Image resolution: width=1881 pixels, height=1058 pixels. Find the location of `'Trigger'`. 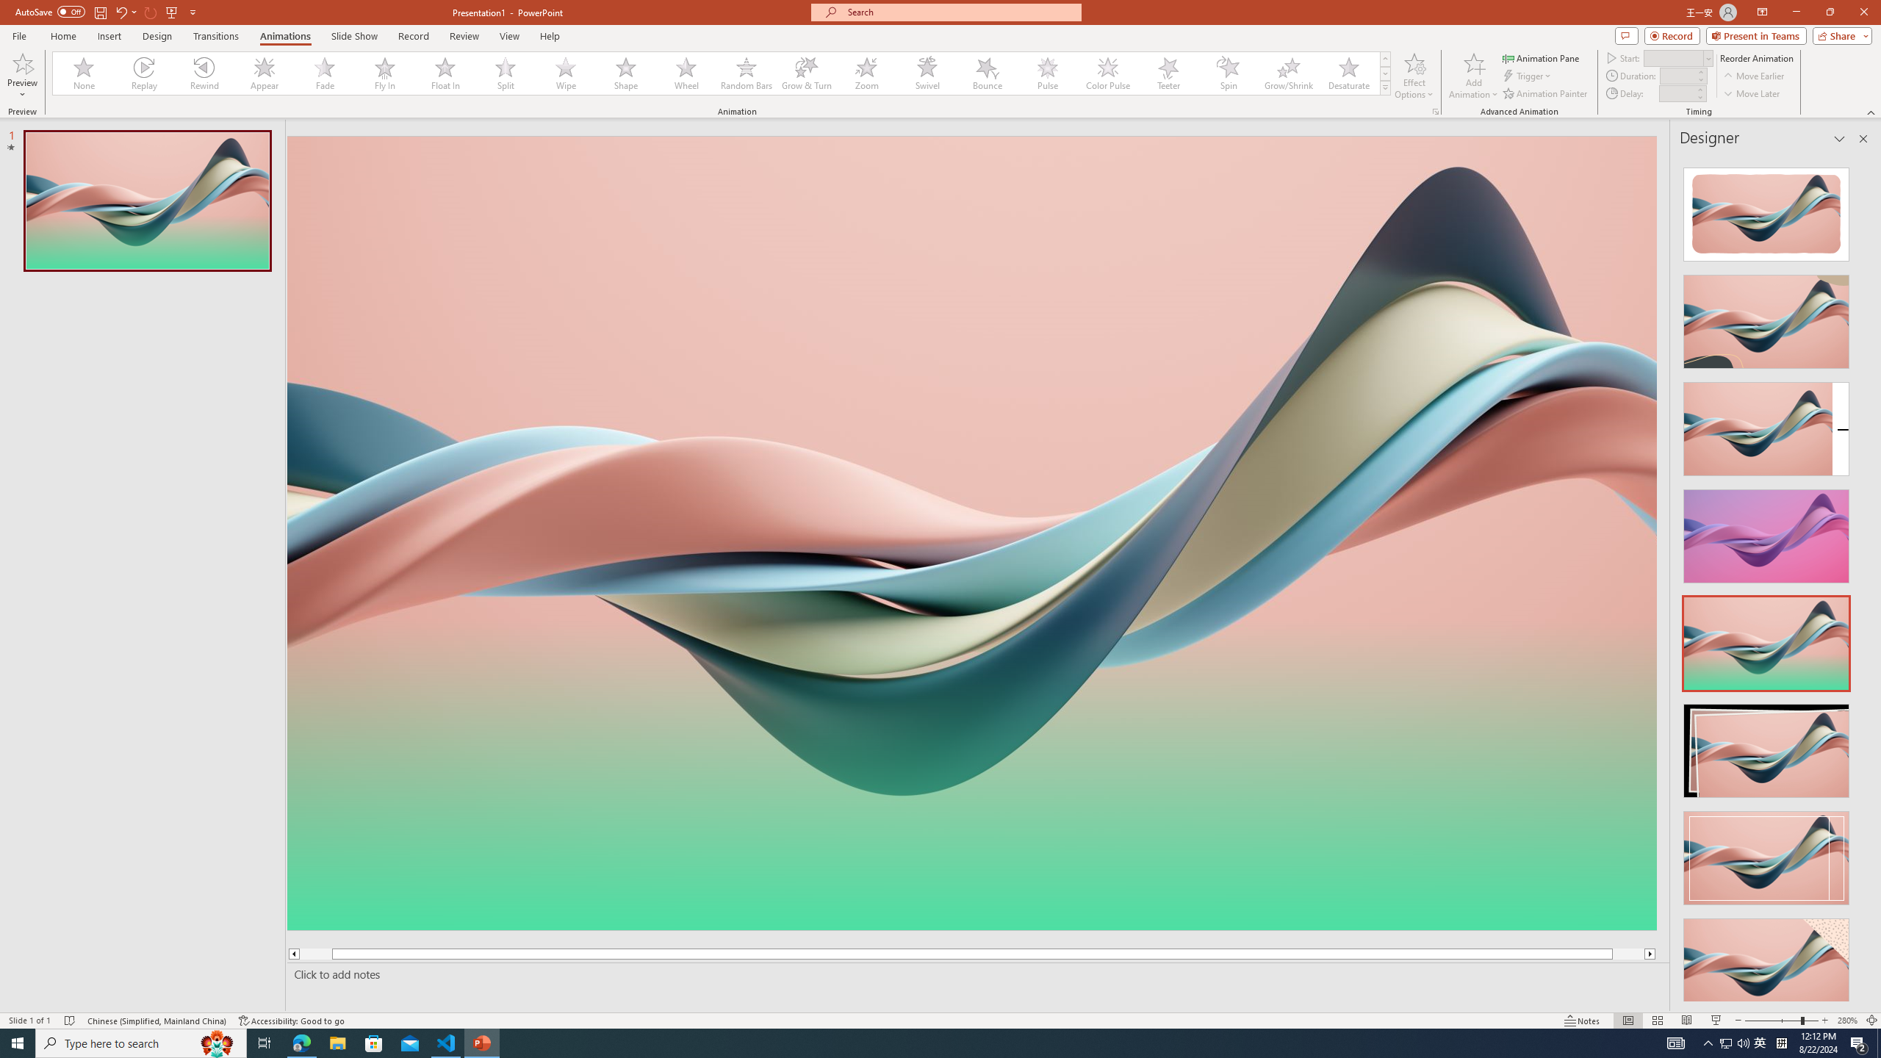

'Trigger' is located at coordinates (1528, 76).